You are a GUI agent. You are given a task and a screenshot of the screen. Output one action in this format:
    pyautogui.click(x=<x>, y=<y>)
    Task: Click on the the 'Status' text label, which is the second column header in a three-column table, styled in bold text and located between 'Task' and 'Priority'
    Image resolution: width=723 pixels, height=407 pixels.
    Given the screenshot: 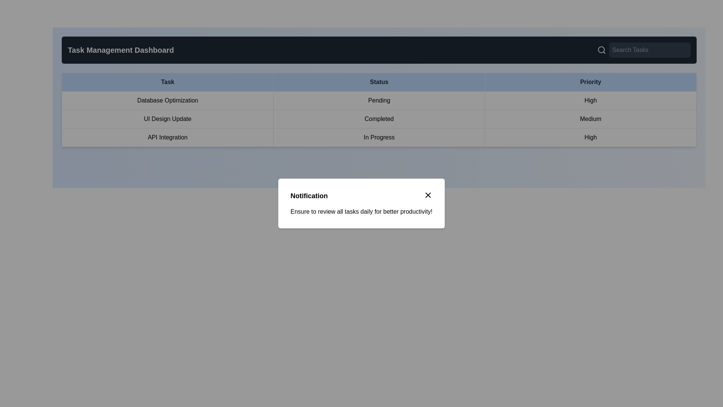 What is the action you would take?
    pyautogui.click(x=379, y=82)
    